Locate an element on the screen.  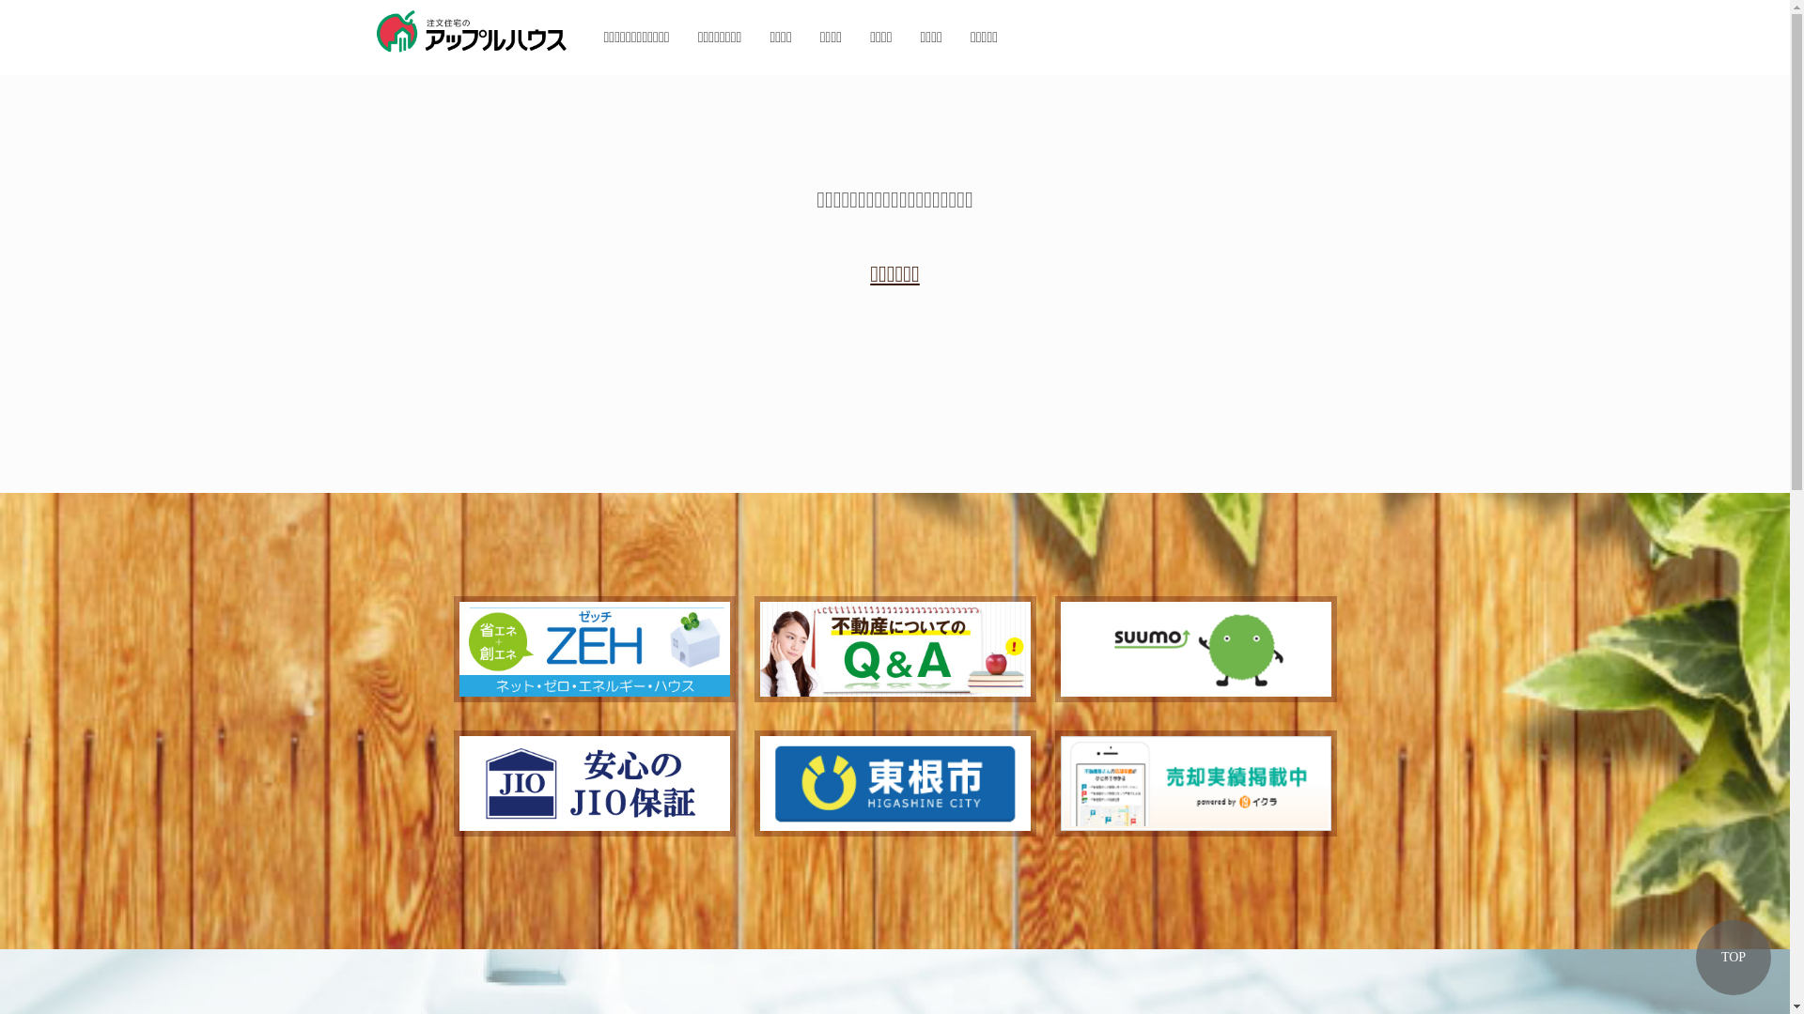
'TOP' is located at coordinates (1732, 957).